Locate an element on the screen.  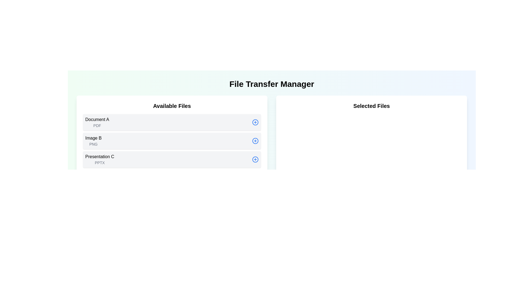
the List Box that represents and lists available files under the 'Available Files' section is located at coordinates (171, 135).